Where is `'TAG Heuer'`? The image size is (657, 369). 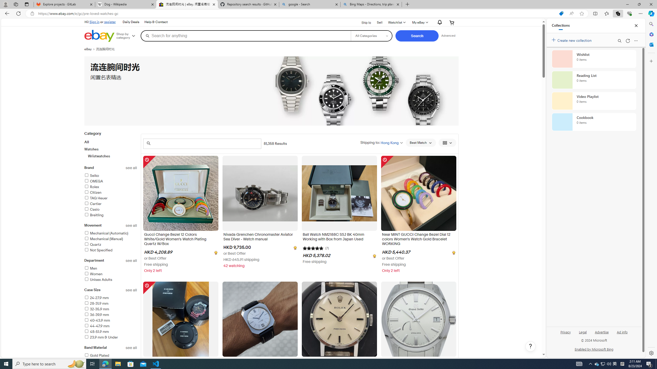
'TAG Heuer' is located at coordinates (111, 198).